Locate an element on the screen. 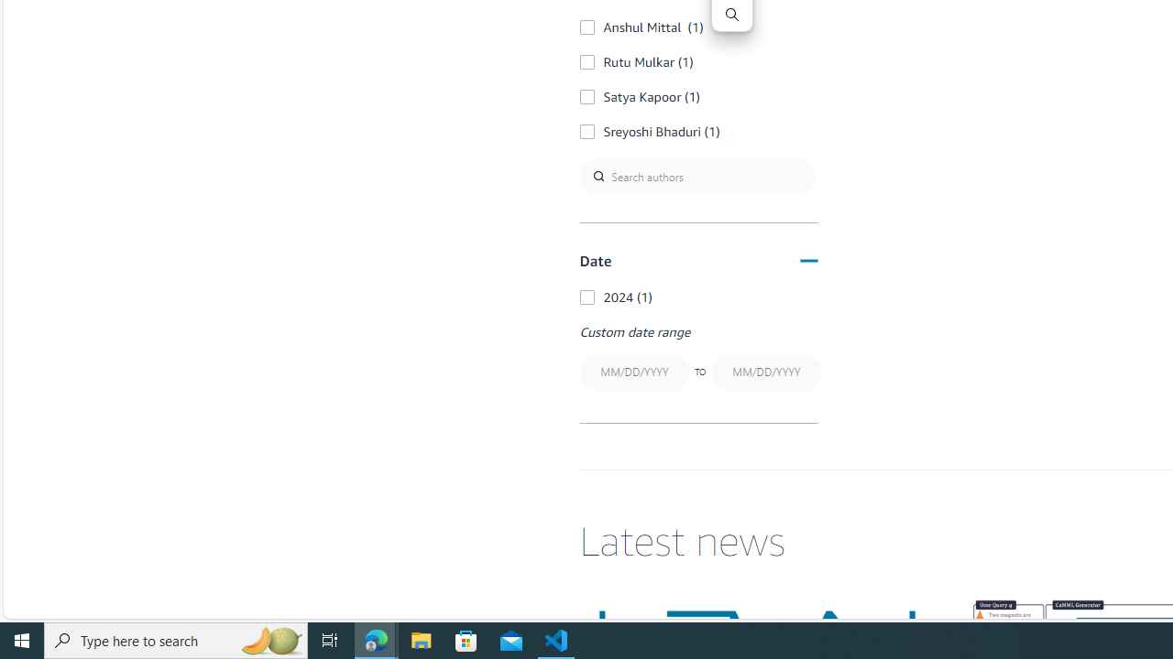 This screenshot has height=659, width=1173. 'Search' is located at coordinates (730, 14).